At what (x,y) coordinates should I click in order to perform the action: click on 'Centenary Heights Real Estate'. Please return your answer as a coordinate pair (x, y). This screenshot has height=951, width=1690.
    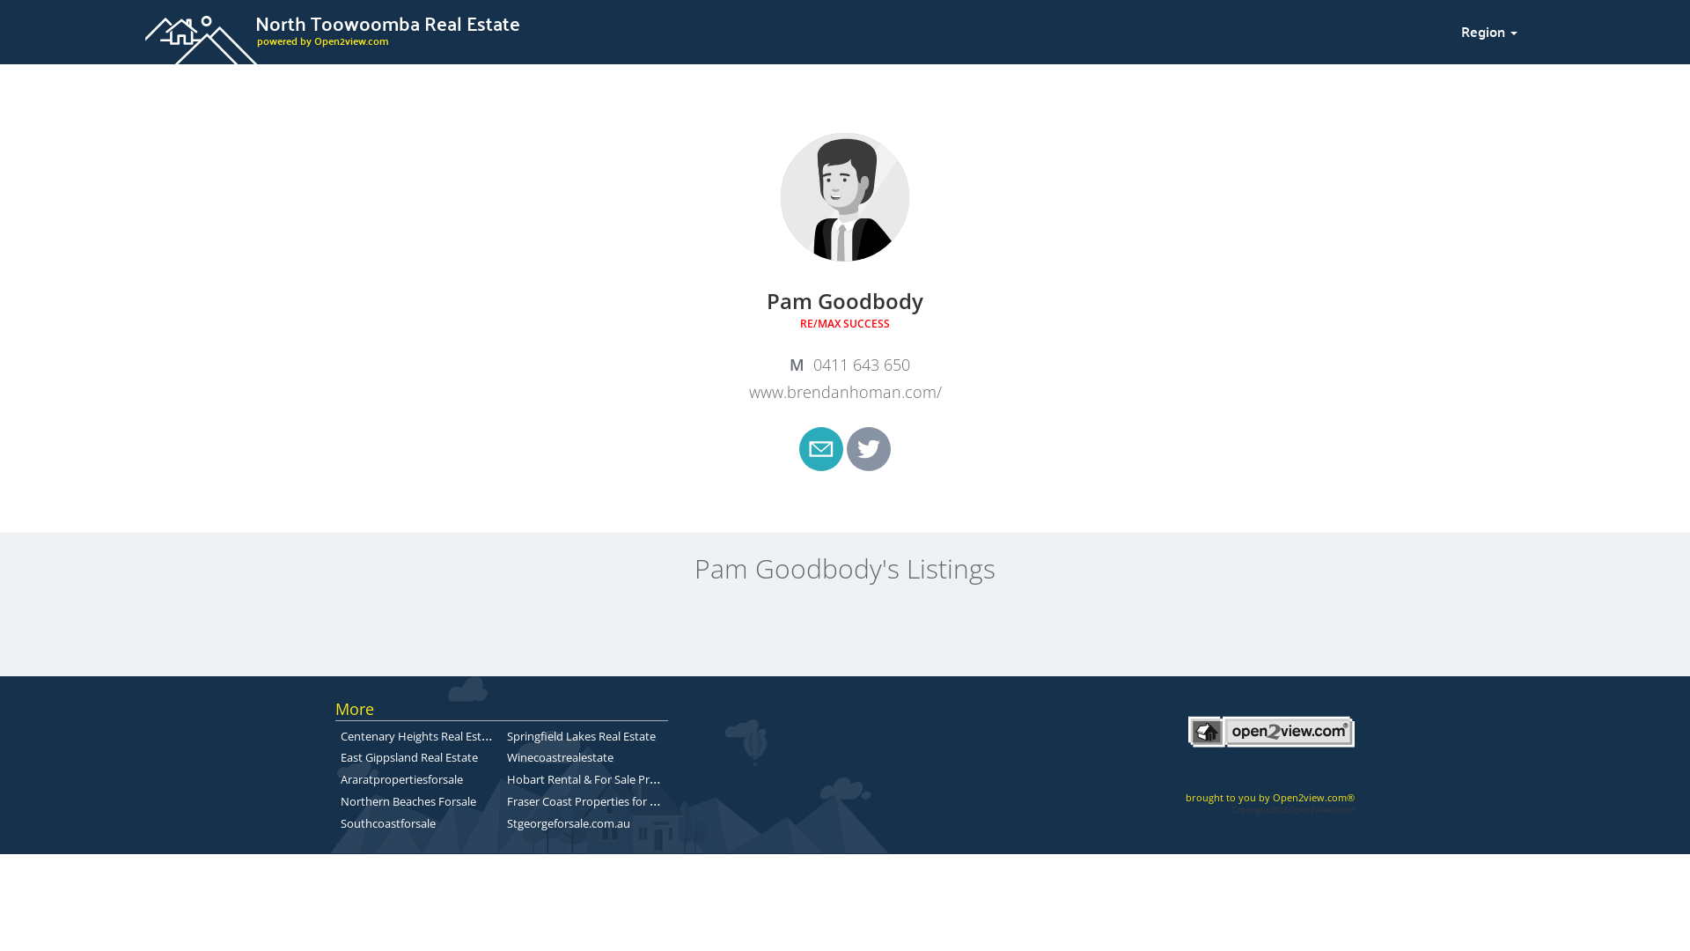
    Looking at the image, I should click on (418, 734).